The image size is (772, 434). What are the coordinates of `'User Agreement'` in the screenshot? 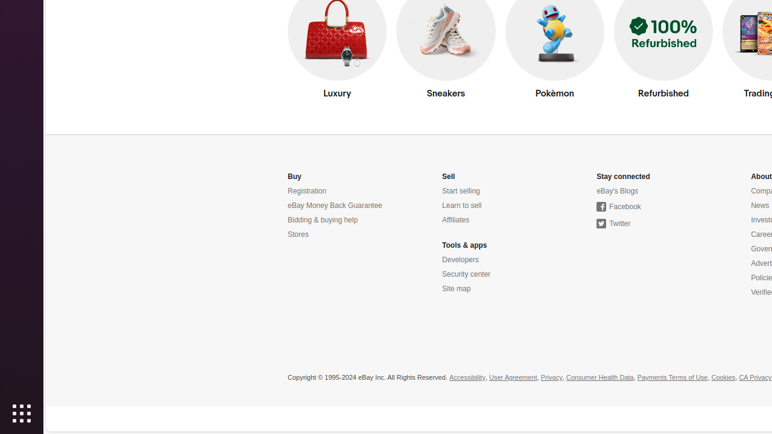 It's located at (513, 377).